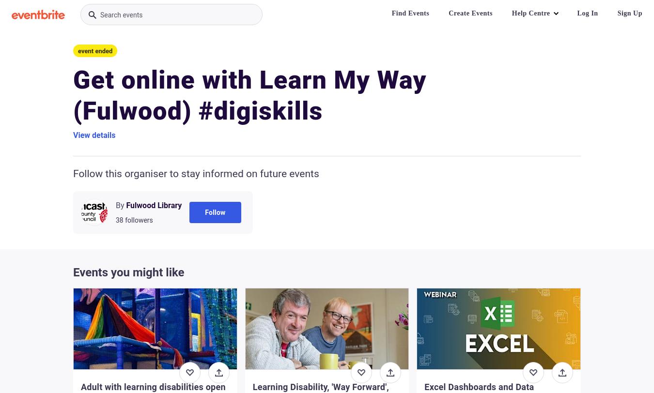  Describe the element at coordinates (115, 205) in the screenshot. I see `'By'` at that location.